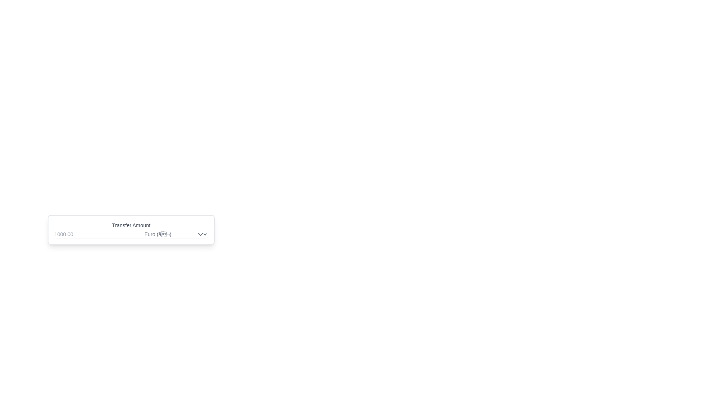 This screenshot has height=403, width=716. What do you see at coordinates (131, 225) in the screenshot?
I see `the 'Transfer Amount' text label that indicates the purpose of the adjacent input field for user guidance` at bounding box center [131, 225].